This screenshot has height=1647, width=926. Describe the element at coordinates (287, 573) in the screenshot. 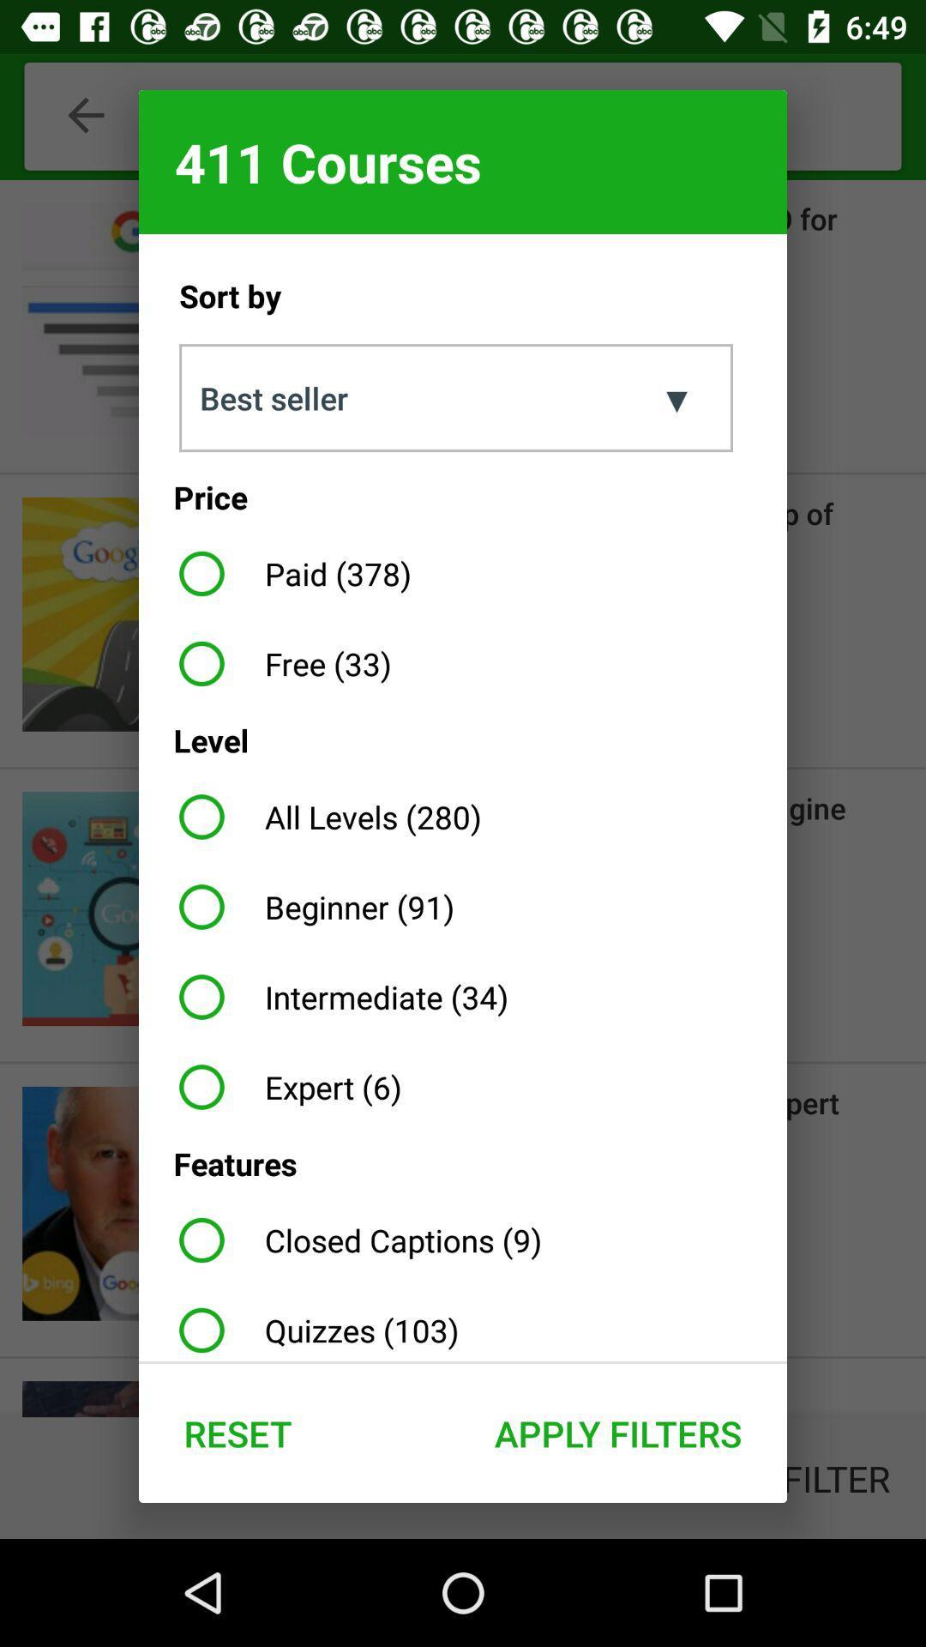

I see `icon below the price` at that location.